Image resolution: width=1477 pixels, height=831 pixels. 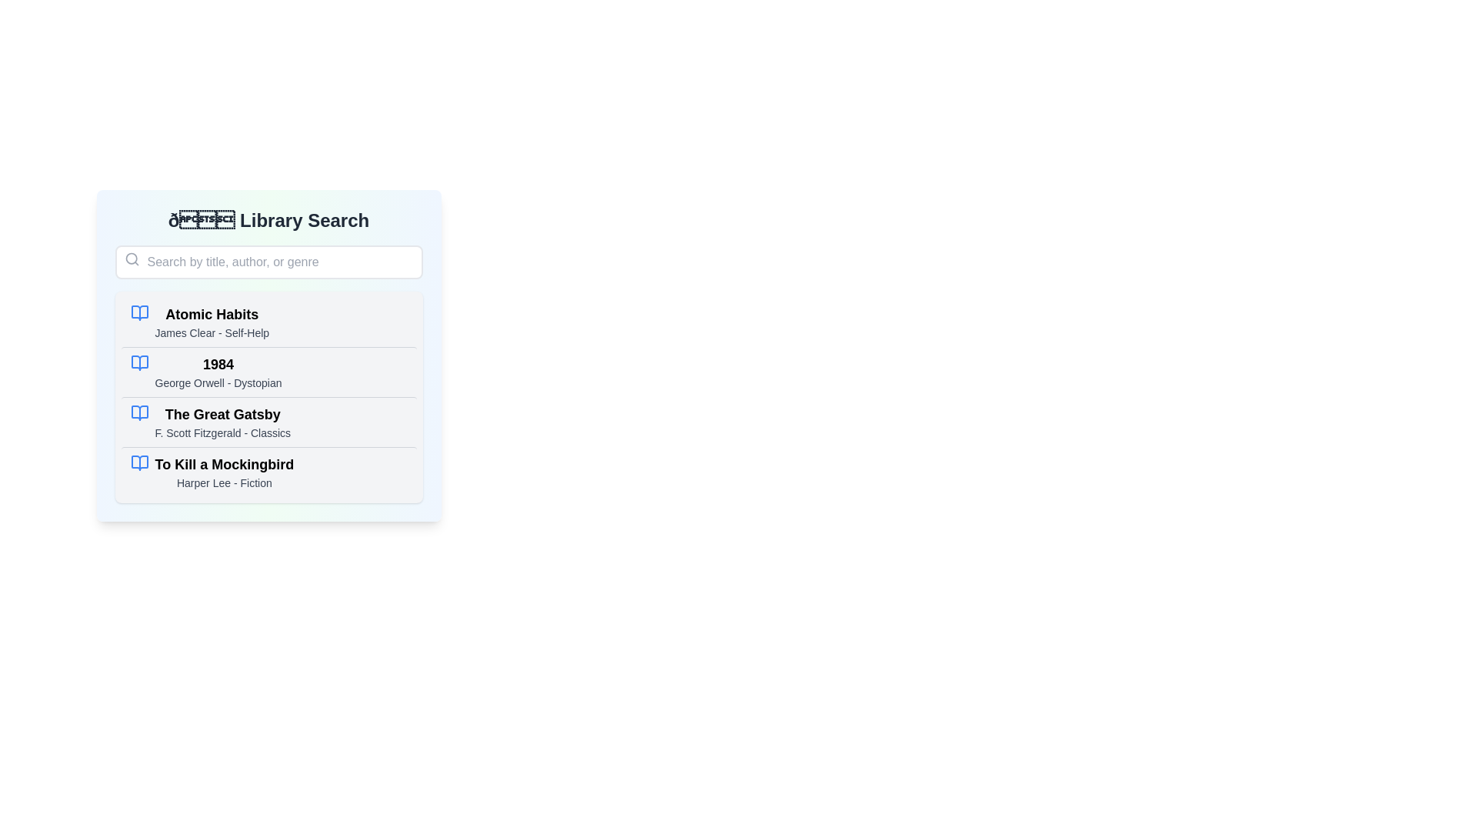 I want to click on the list item entry for 'The Great Gatsby', so click(x=268, y=422).